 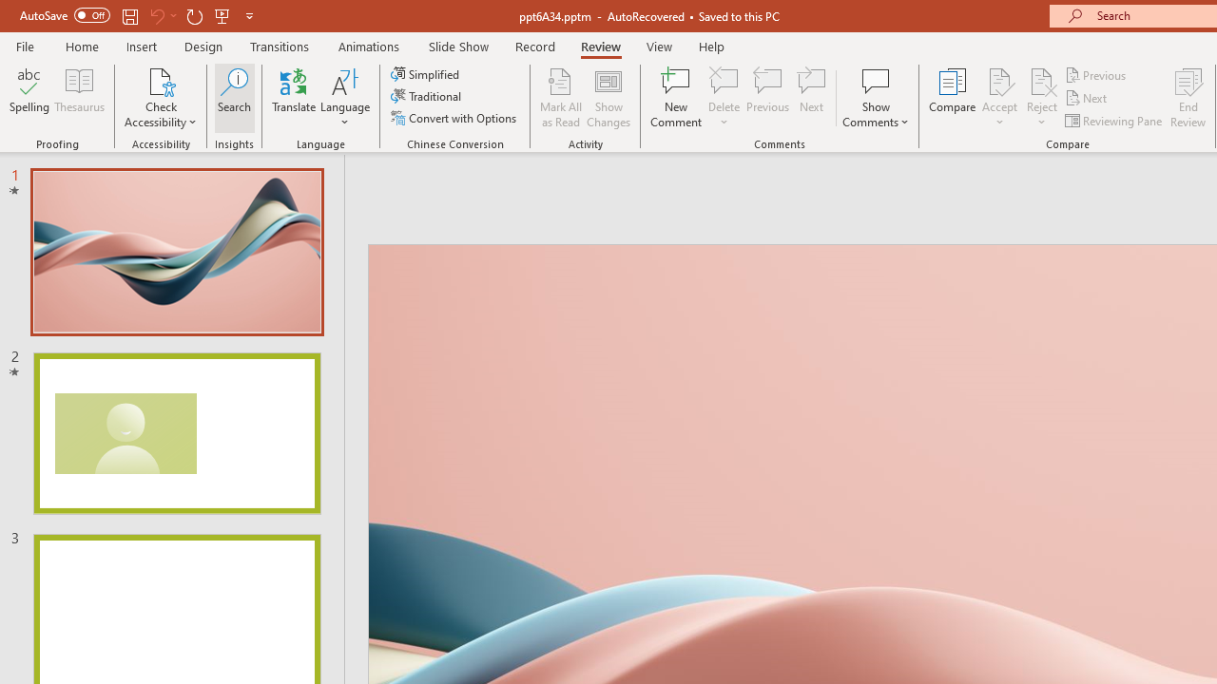 What do you see at coordinates (998, 80) in the screenshot?
I see `'Accept Change'` at bounding box center [998, 80].